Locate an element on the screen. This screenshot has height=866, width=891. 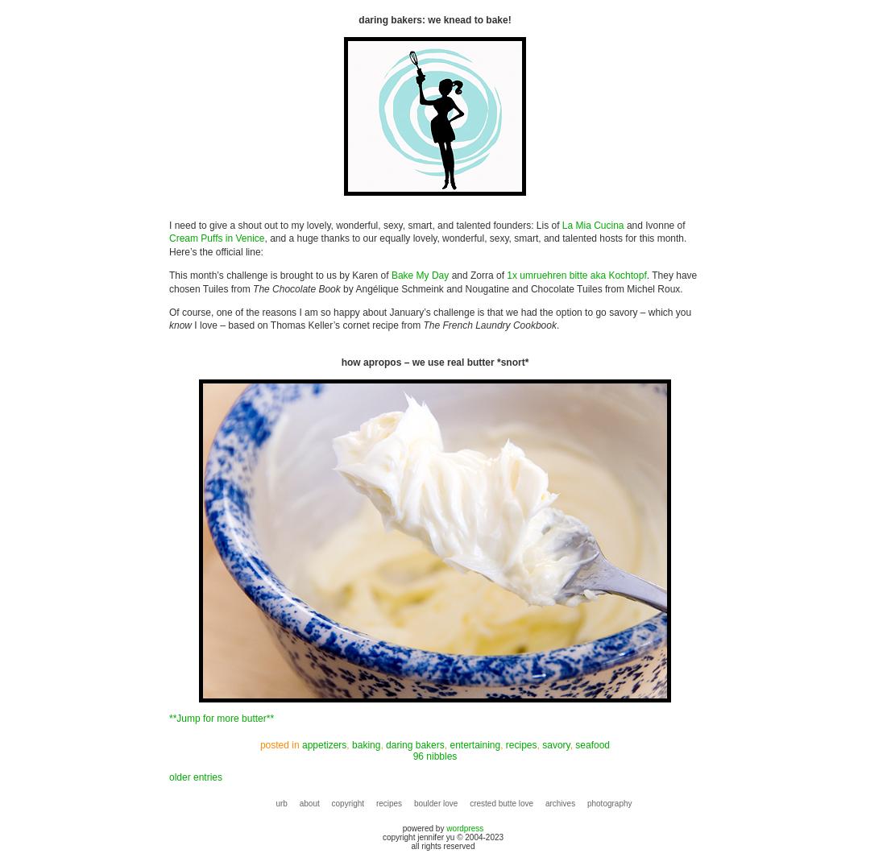
'posted in' is located at coordinates (280, 743).